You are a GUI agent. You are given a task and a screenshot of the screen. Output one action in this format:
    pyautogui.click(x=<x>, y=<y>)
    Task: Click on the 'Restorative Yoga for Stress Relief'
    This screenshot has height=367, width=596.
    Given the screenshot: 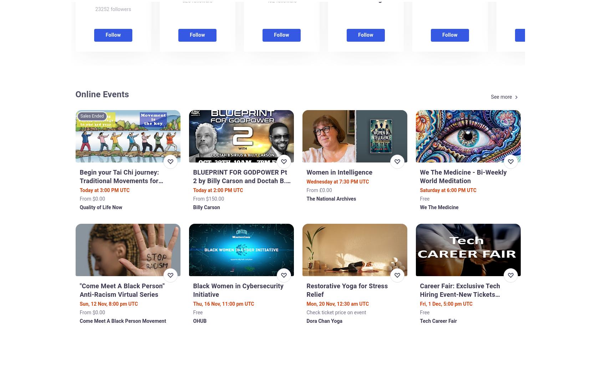 What is the action you would take?
    pyautogui.click(x=347, y=289)
    